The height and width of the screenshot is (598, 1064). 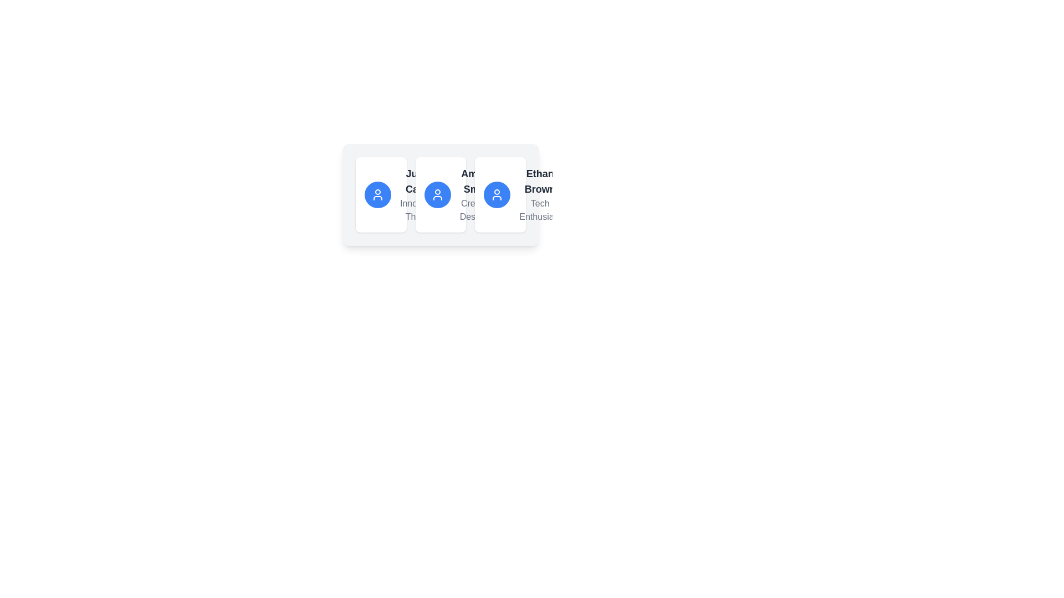 I want to click on the Text Display element that shows 'Julian Carter' in bold and 'Innovative Thinker' below it, located to the right of a user icon, so click(x=420, y=194).